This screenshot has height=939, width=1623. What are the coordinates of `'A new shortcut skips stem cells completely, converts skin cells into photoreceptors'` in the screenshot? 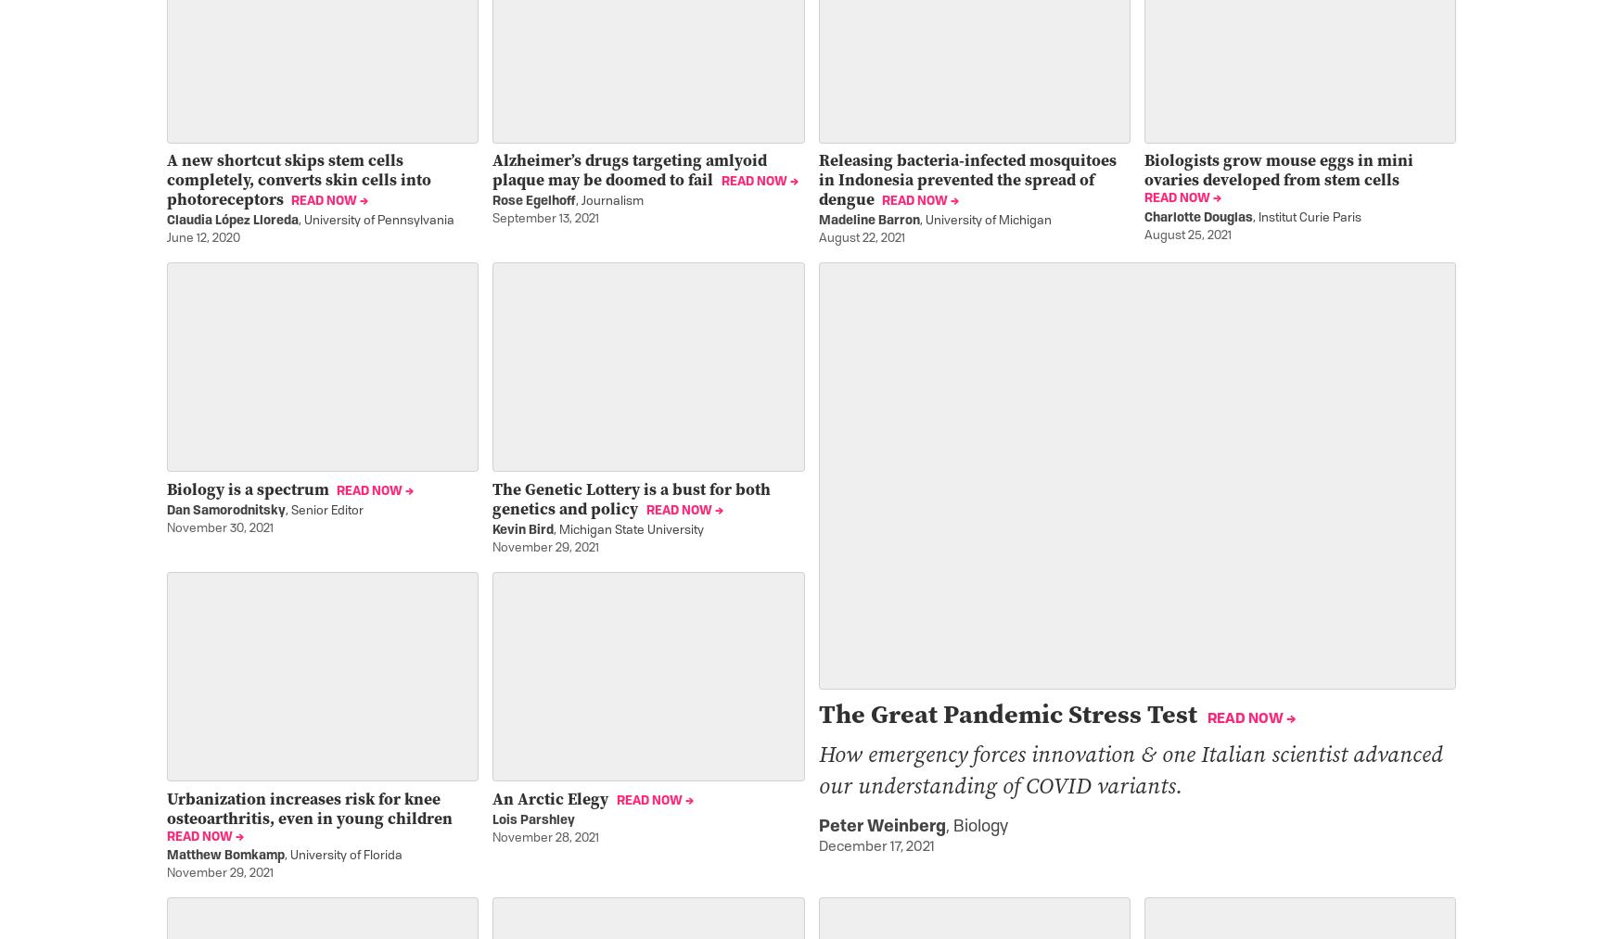 It's located at (299, 179).